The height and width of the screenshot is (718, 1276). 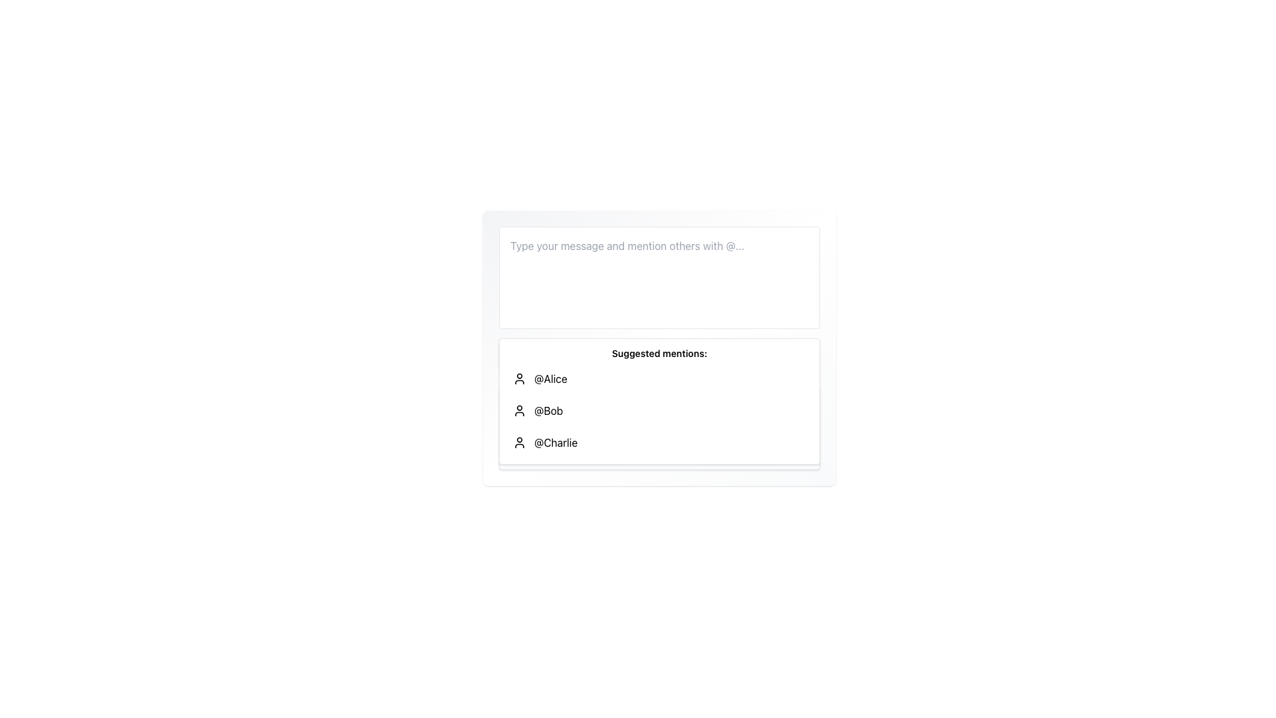 What do you see at coordinates (659, 353) in the screenshot?
I see `text from the bold text label that states 'Suggested mentions:' located at the top of the dropdown-like suggestion box` at bounding box center [659, 353].